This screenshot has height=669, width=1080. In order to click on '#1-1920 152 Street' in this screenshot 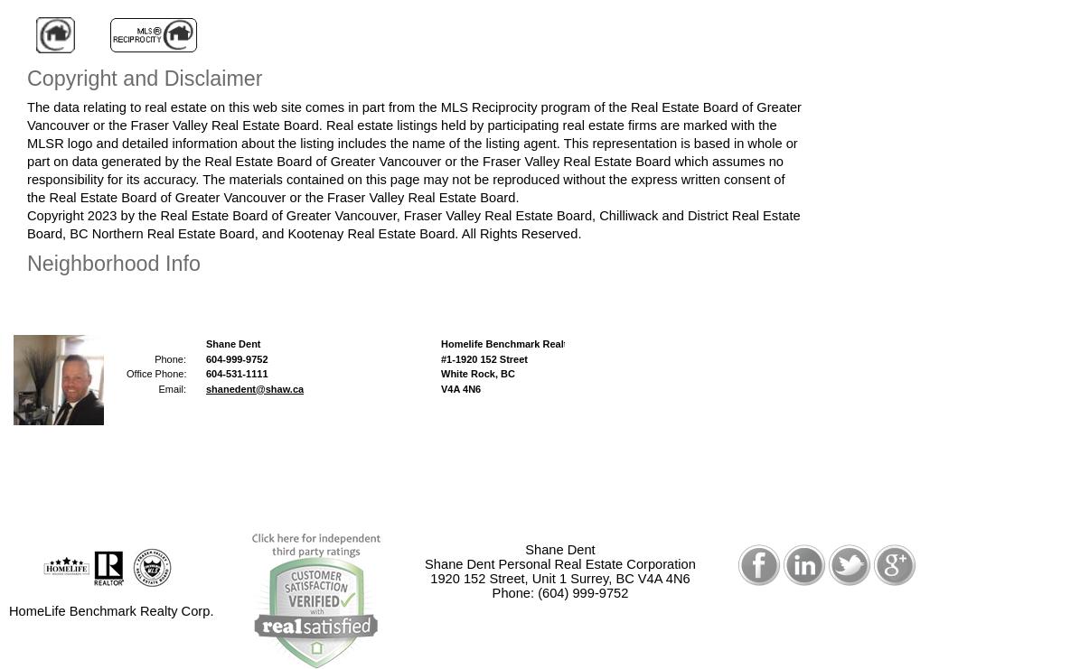, I will do `click(484, 358)`.